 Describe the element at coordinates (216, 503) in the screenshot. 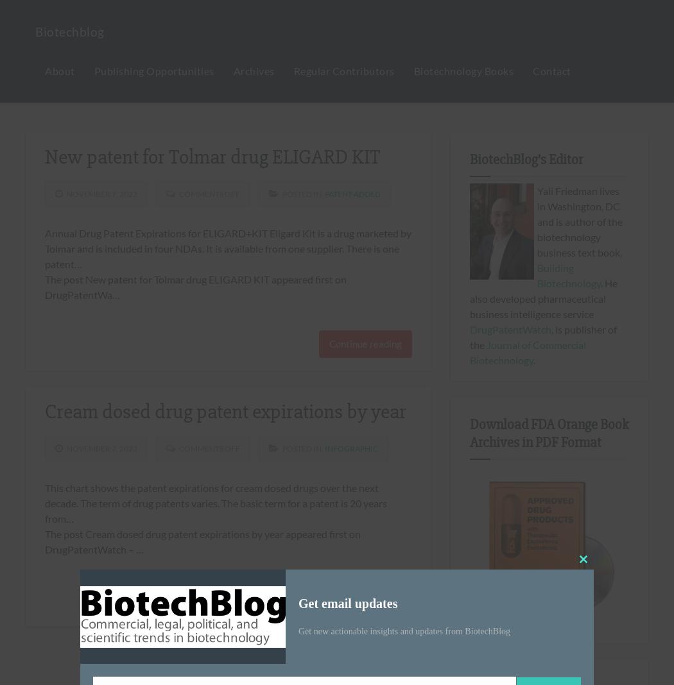

I see `'This chart shows the patent expirations for cream dosed drugs over the next decade. The term of drug patents varies. The basic term for a patent is 20 years from…'` at that location.